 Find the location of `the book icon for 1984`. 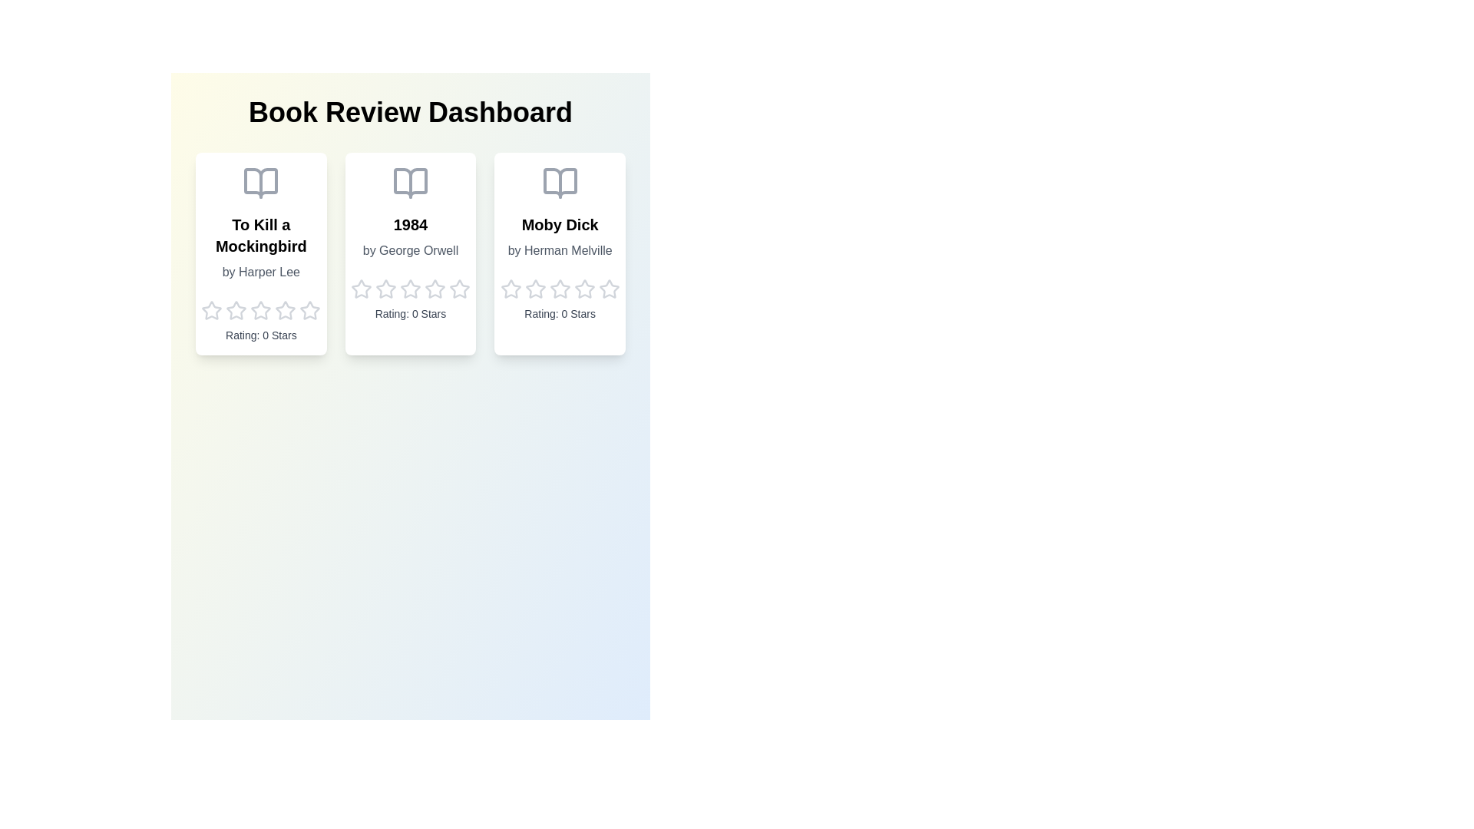

the book icon for 1984 is located at coordinates (410, 183).